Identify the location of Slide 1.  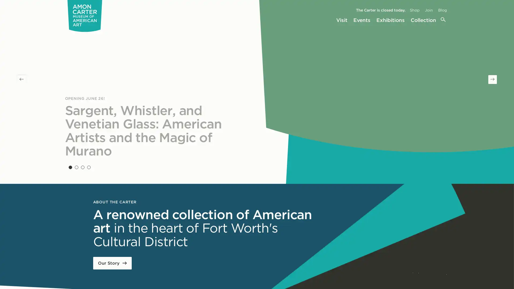
(70, 167).